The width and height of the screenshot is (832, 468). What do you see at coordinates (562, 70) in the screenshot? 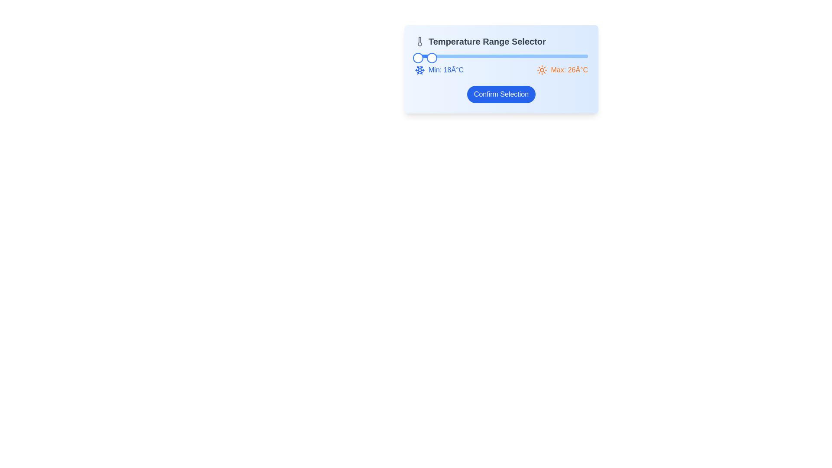
I see `the label indicating the maximum temperature, styled with orange text and a sun icon, which reads 'Max: 26°C'` at bounding box center [562, 70].